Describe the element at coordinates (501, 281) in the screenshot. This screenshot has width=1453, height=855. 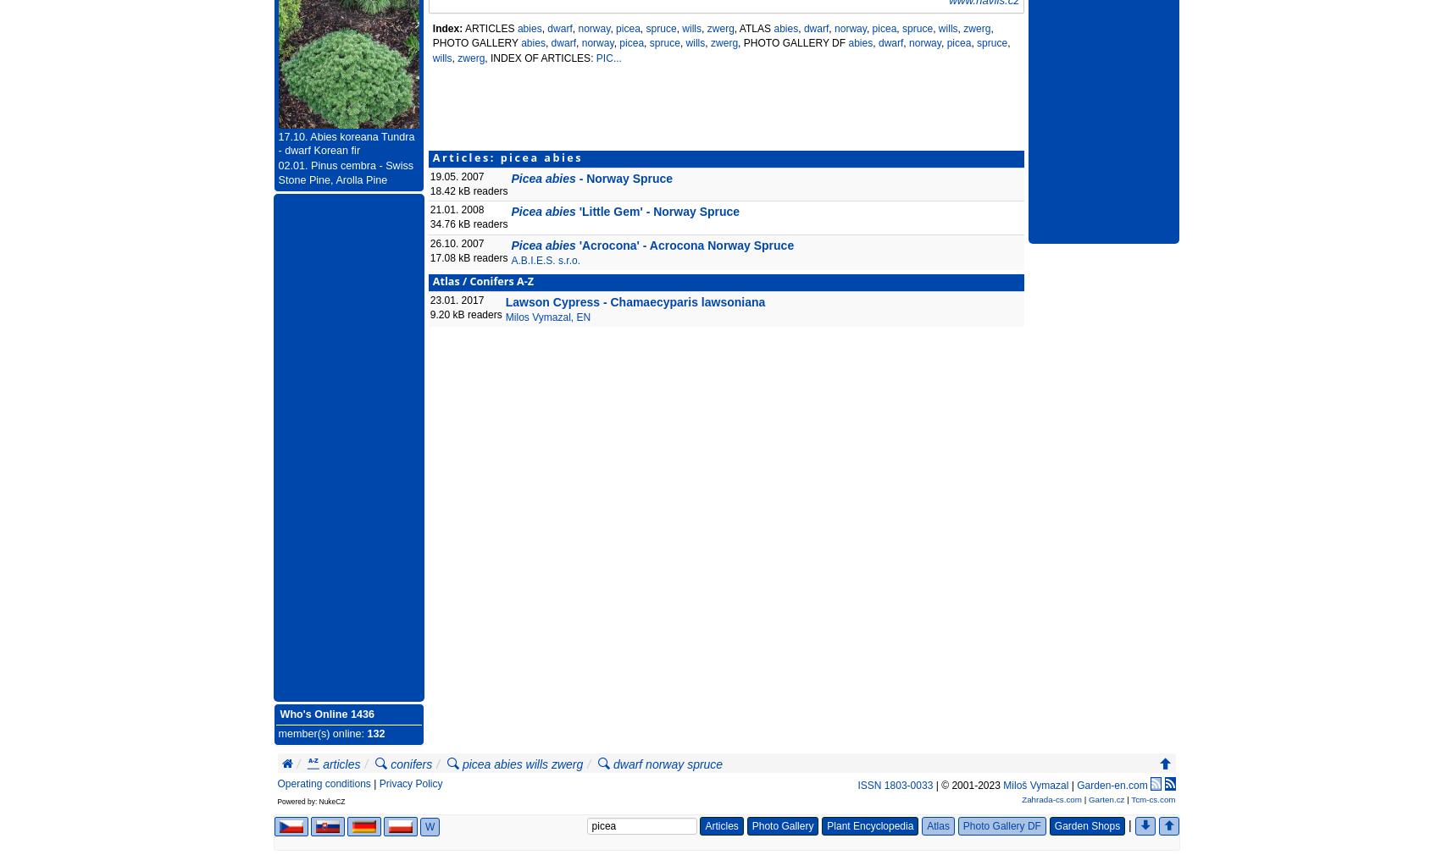
I see `'Conifers A-Z'` at that location.